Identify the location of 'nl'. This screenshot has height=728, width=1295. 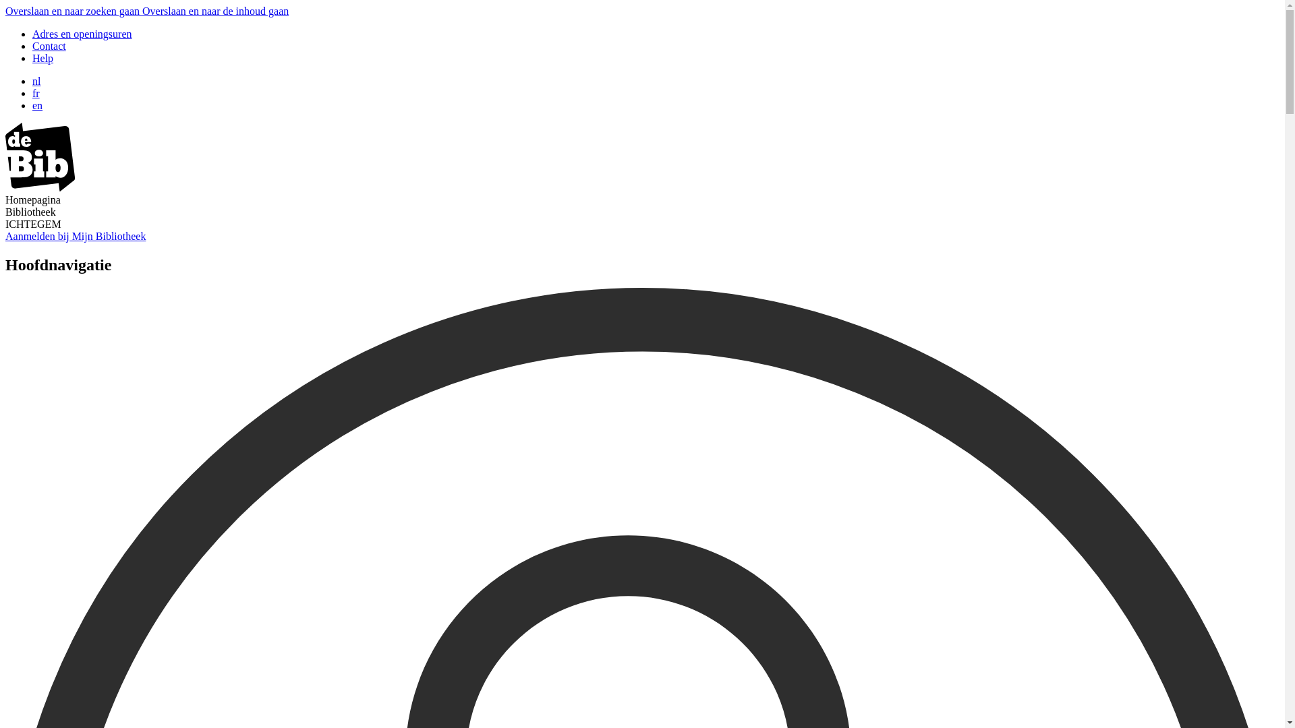
(32, 81).